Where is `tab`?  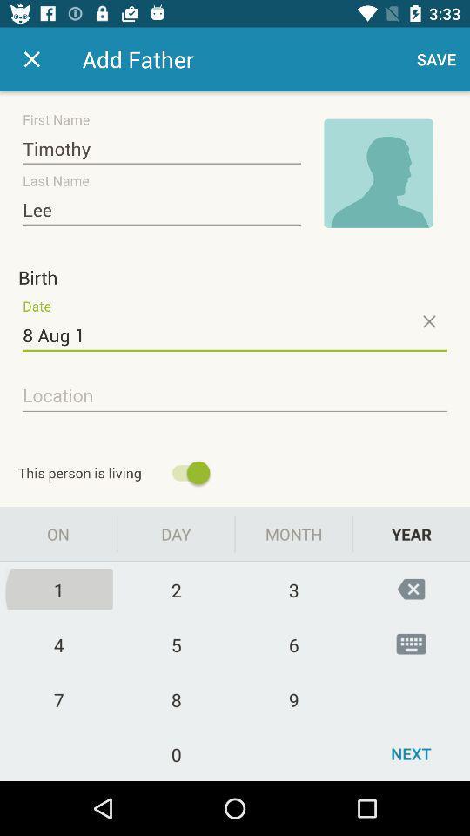
tab is located at coordinates (31, 59).